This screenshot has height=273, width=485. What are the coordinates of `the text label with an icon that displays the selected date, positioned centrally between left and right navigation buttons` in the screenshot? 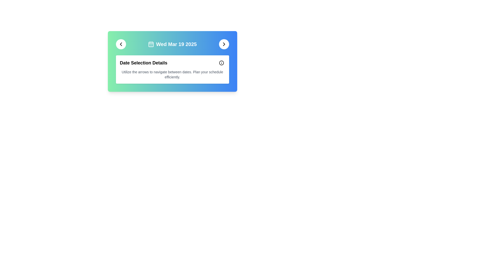 It's located at (172, 44).